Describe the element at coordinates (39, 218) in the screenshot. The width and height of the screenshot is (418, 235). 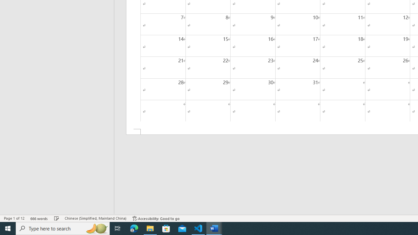
I see `'Word Count 666 words'` at that location.